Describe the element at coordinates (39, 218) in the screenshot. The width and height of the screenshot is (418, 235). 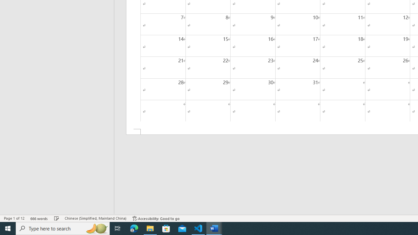
I see `'Word Count 666 words'` at that location.